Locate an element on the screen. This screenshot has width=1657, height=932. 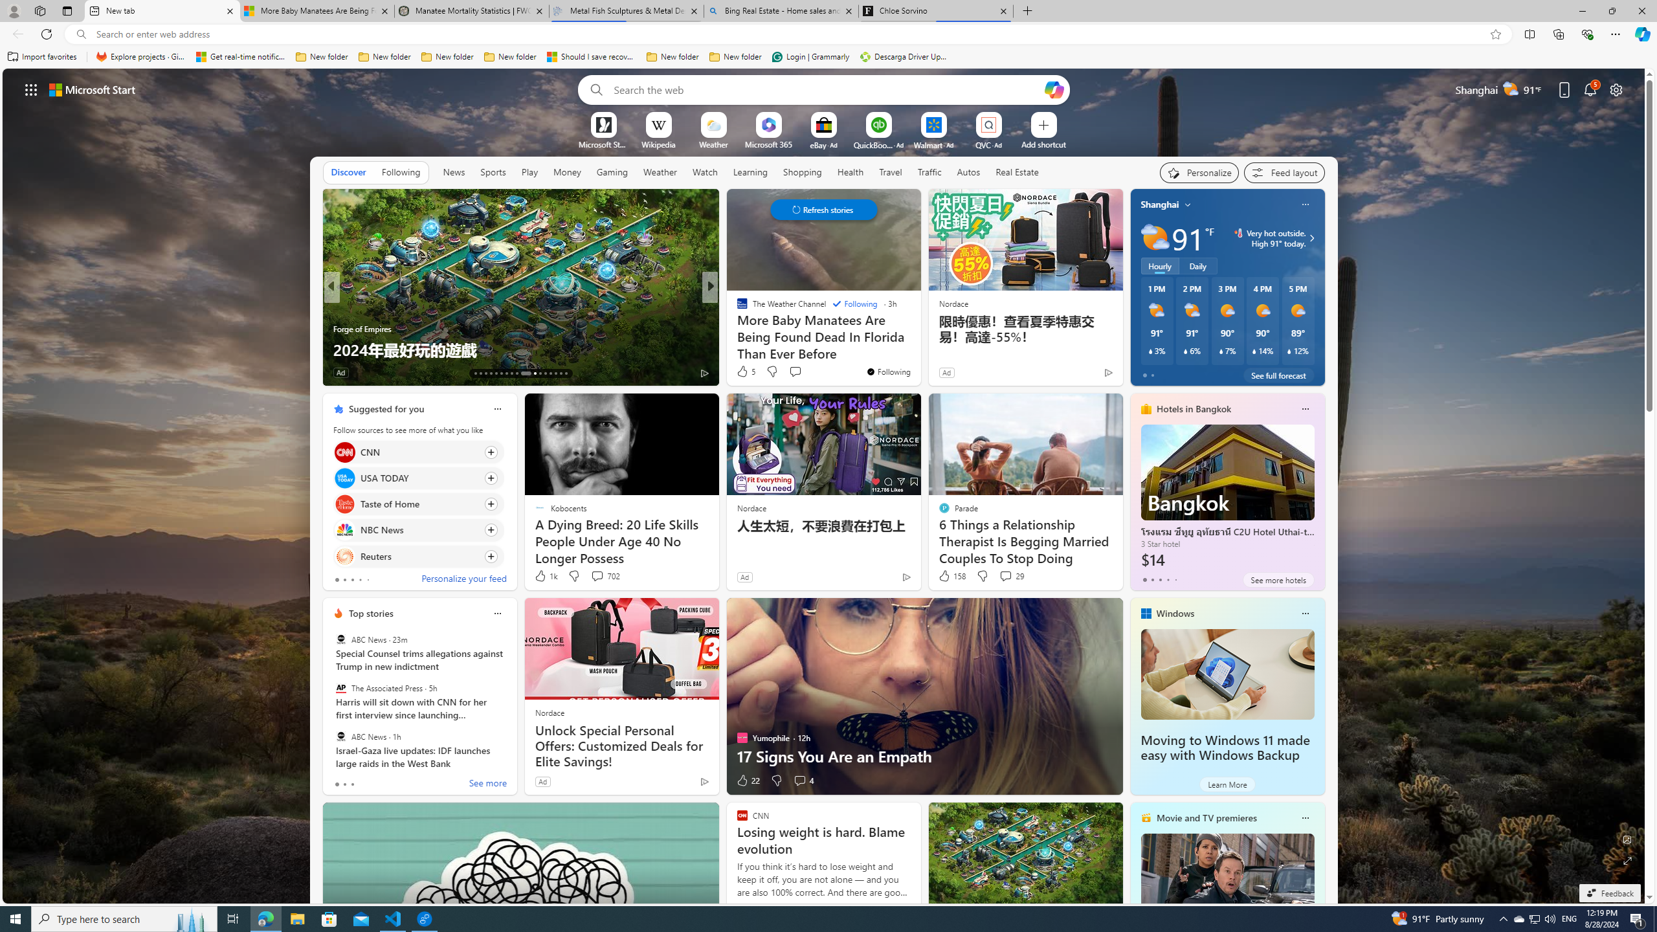
'View comments 4 Comment' is located at coordinates (799, 781).